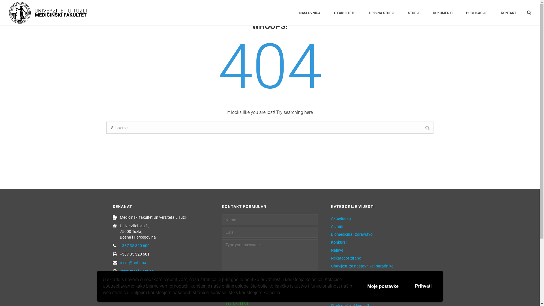 This screenshot has height=306, width=544. I want to click on '+387 35 320 600', so click(134, 245).